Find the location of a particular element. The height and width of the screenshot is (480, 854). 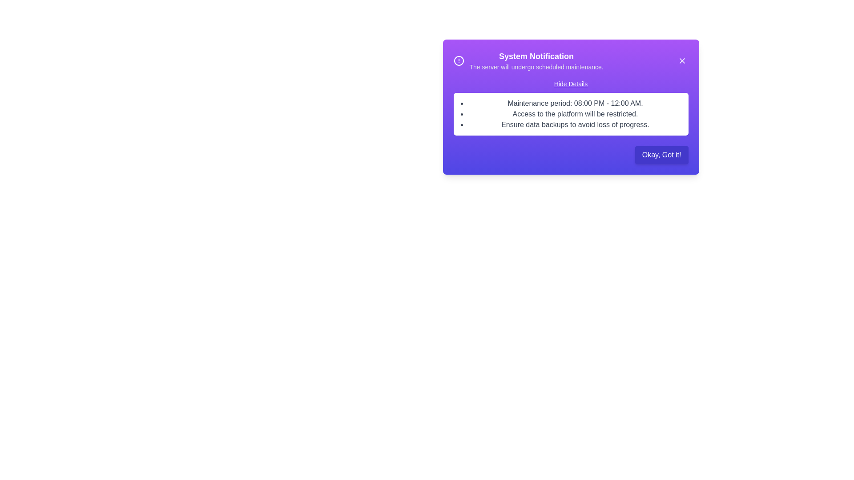

the 'X' button to dismiss the alert is located at coordinates (681, 60).